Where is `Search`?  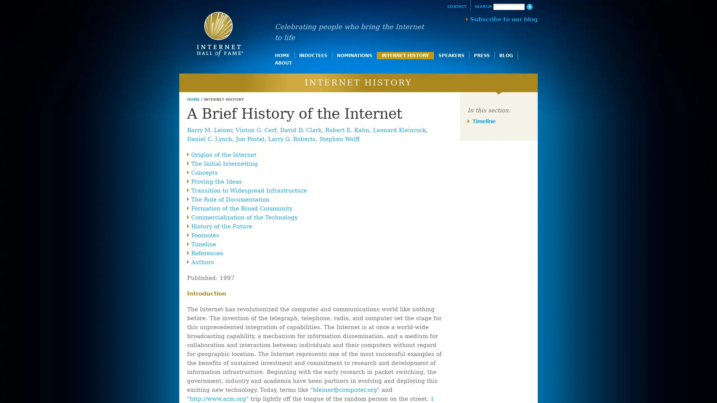 Search is located at coordinates (529, 7).